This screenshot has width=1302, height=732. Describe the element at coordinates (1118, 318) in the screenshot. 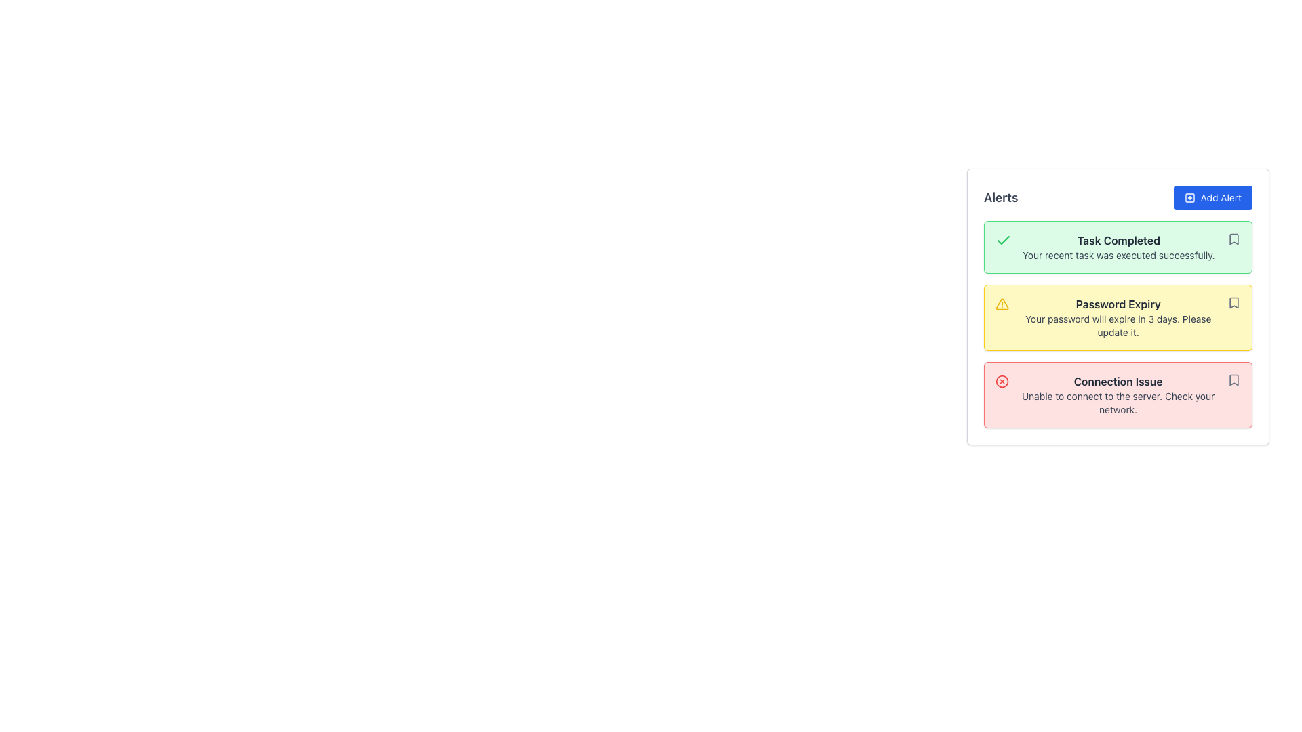

I see `warning message in the TextBlock that informs the user about their password expiration and prompts for an update` at that location.